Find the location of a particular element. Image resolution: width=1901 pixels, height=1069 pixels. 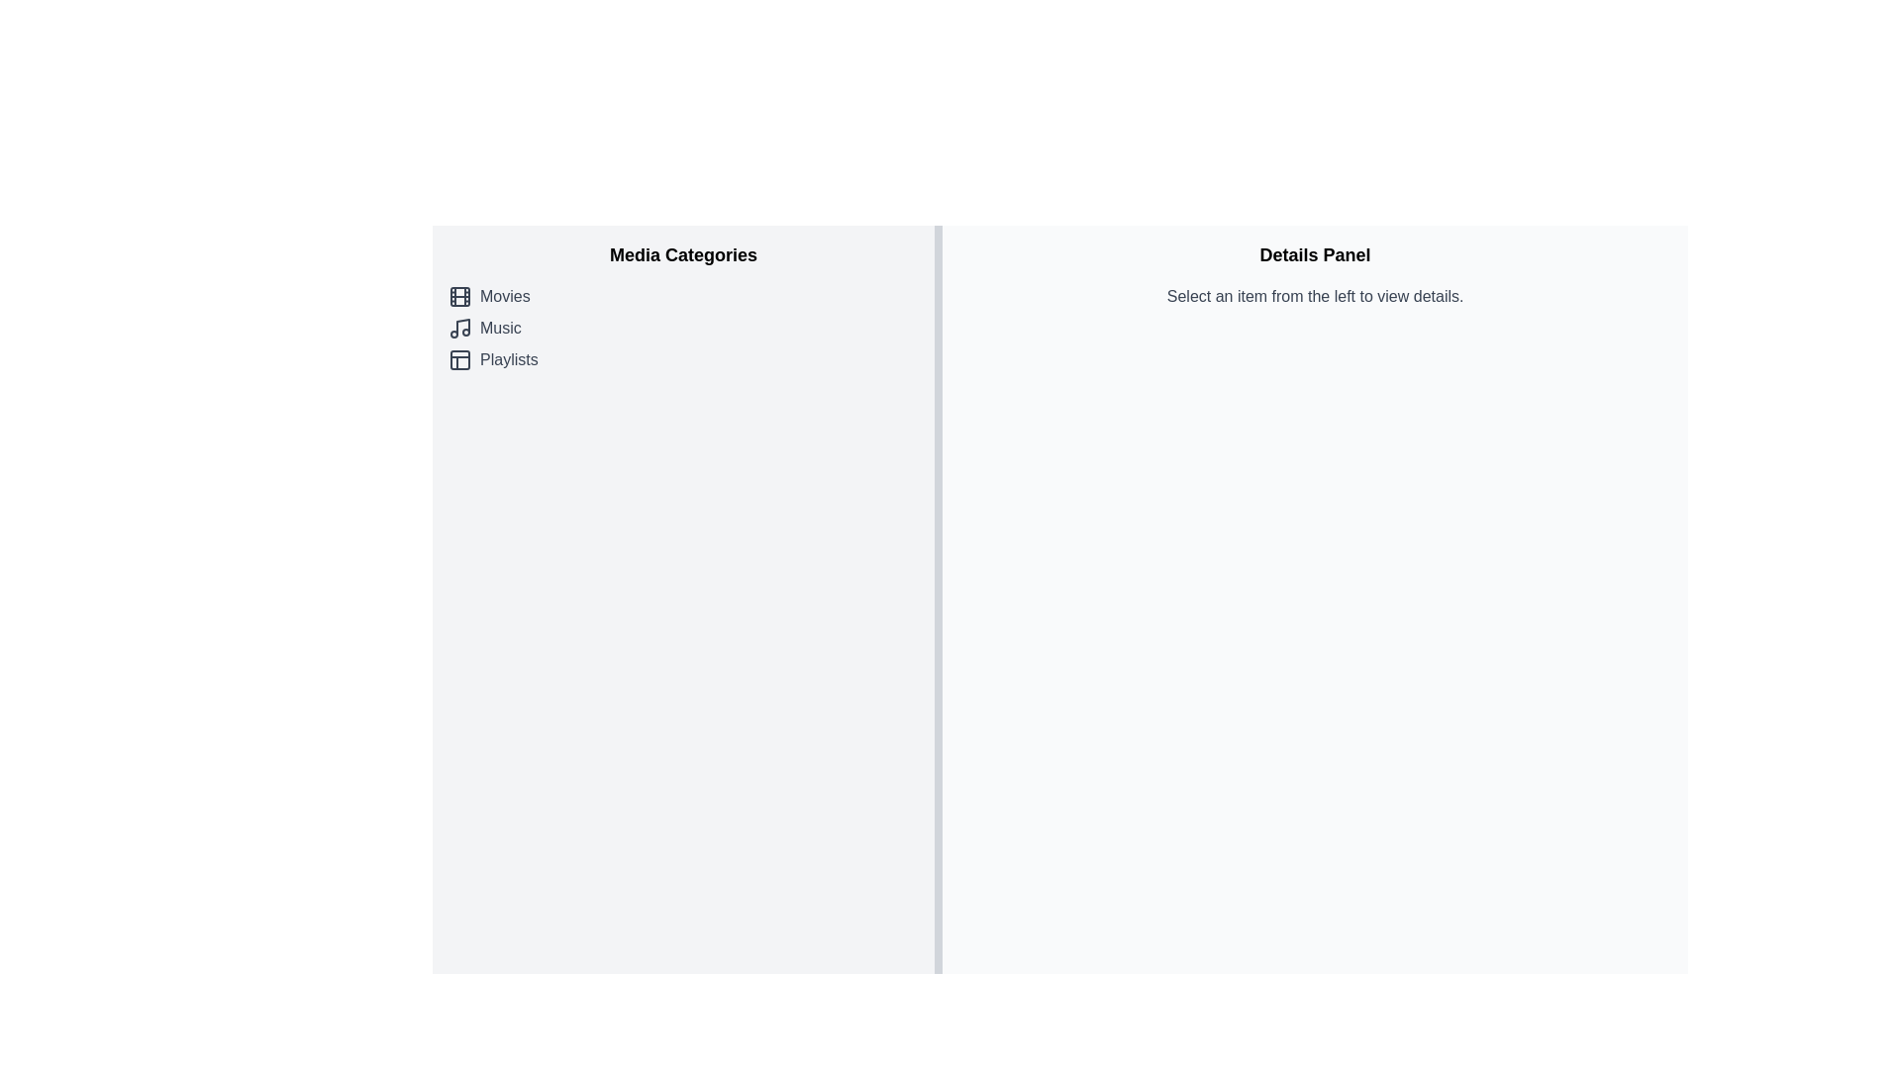

the 'Playlists' button in the Media Categories section is located at coordinates (683, 359).